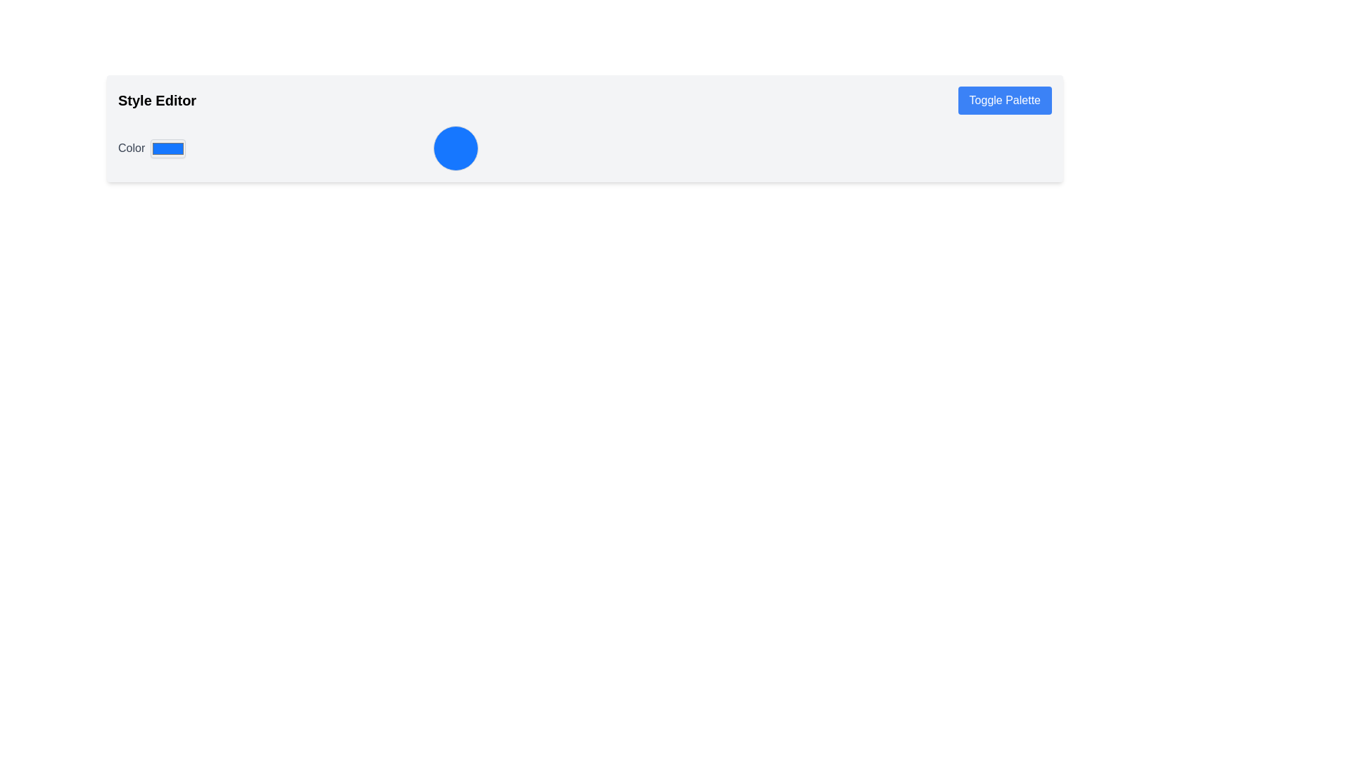 Image resolution: width=1351 pixels, height=760 pixels. What do you see at coordinates (132, 148) in the screenshot?
I see `the 'Color' text label, which is styled in gray font and located under the 'Style Editor' header, preceding a color input box` at bounding box center [132, 148].